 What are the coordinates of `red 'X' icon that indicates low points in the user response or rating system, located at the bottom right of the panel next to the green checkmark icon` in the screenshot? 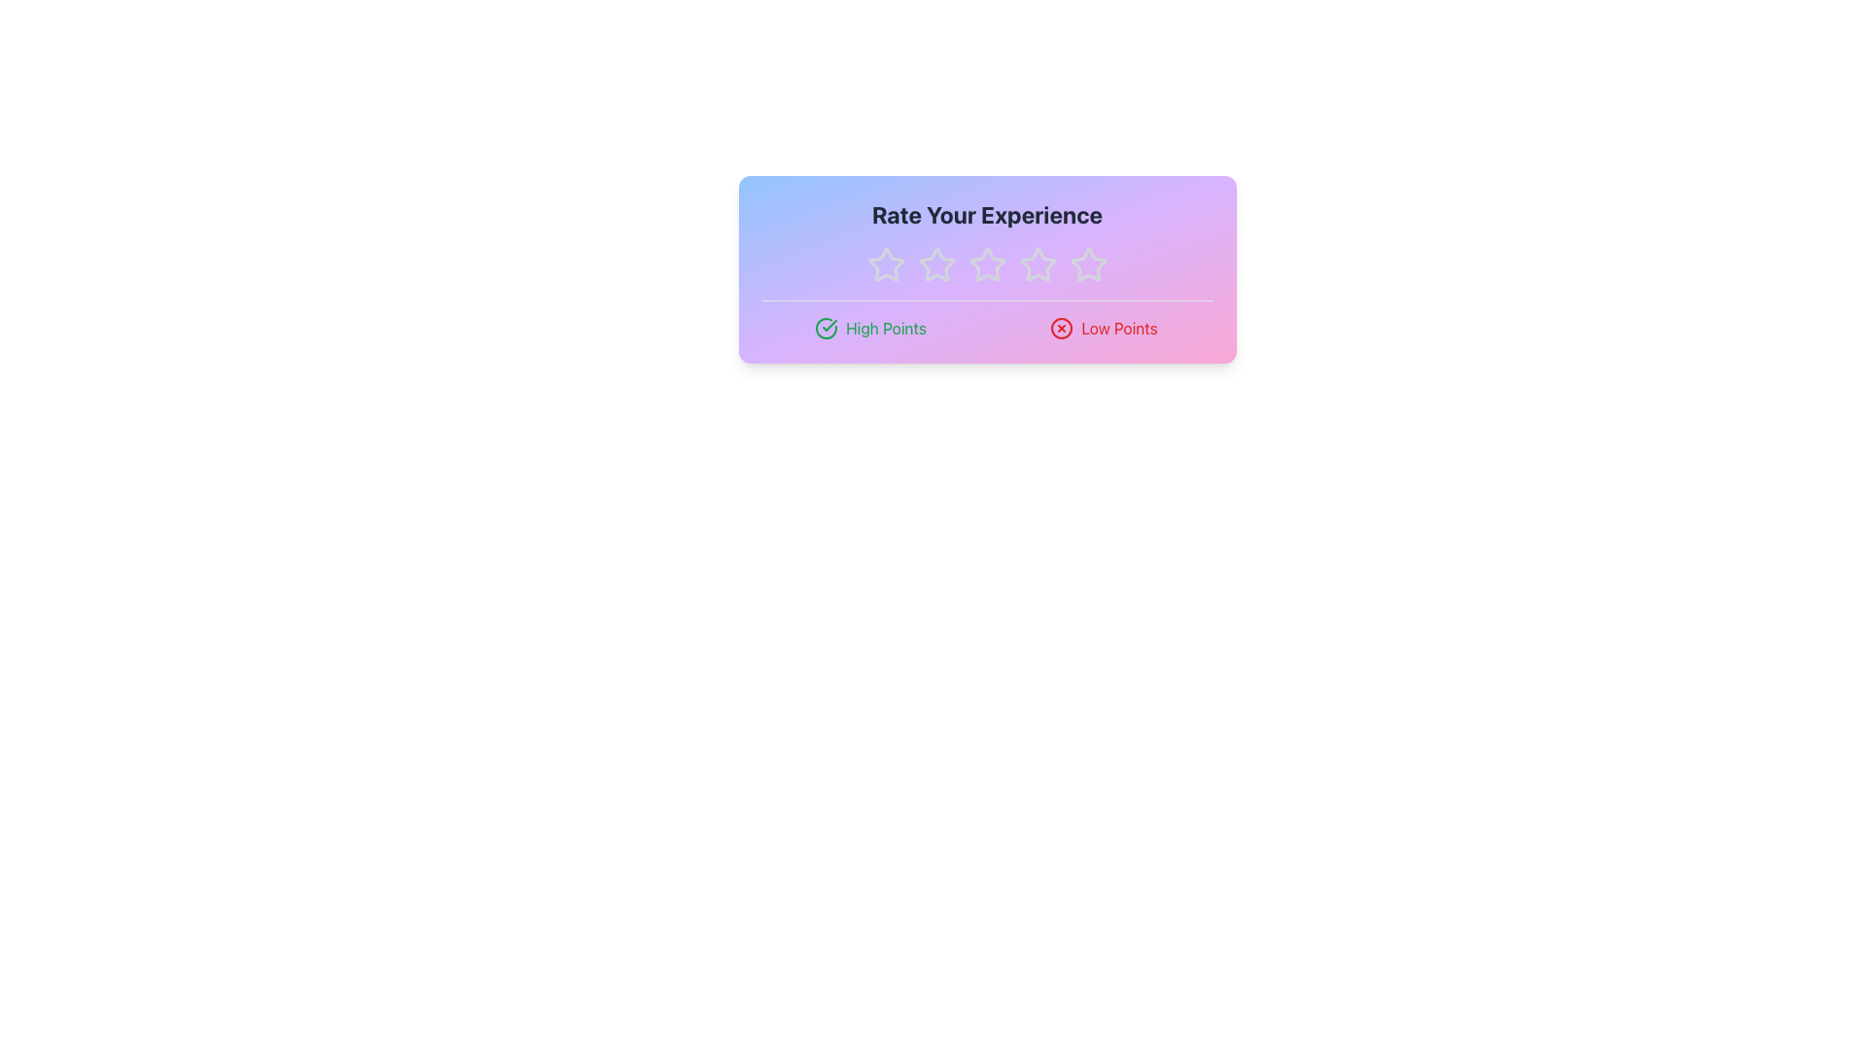 It's located at (1061, 328).